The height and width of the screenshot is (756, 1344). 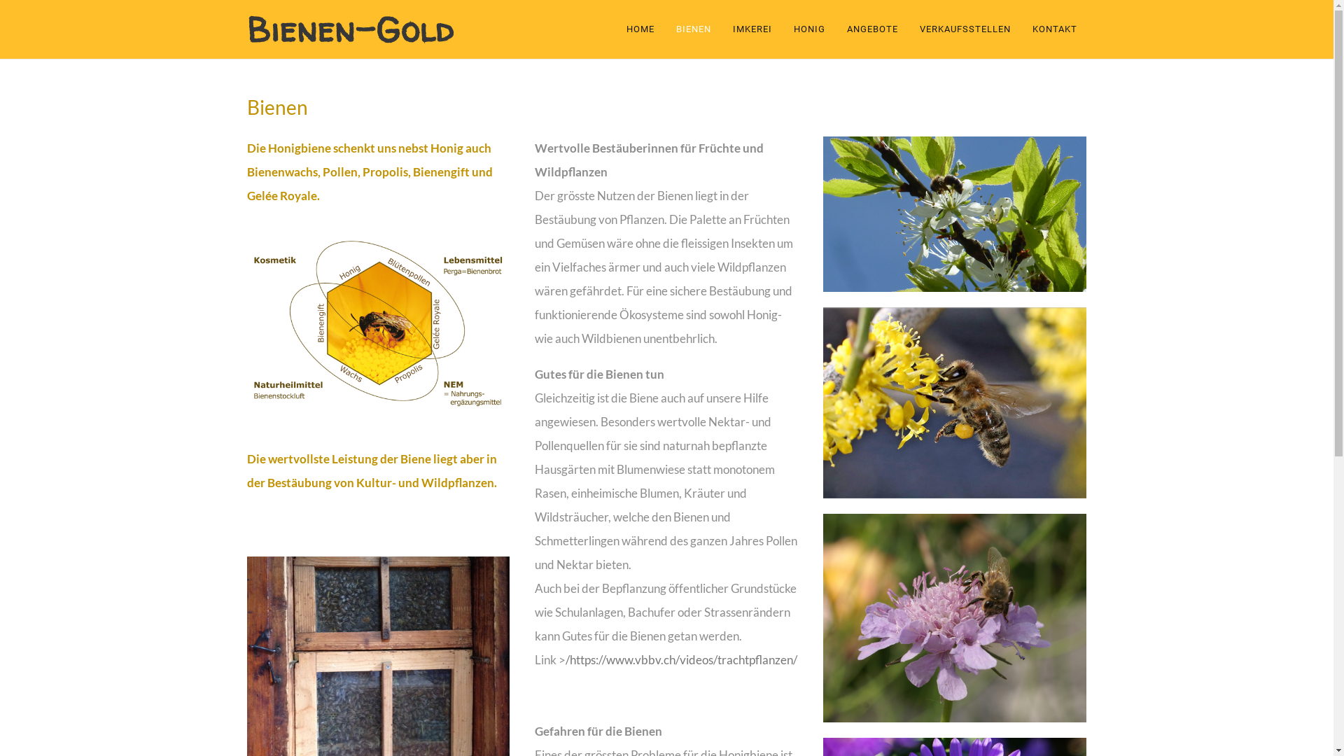 What do you see at coordinates (568, 659) in the screenshot?
I see `'/'` at bounding box center [568, 659].